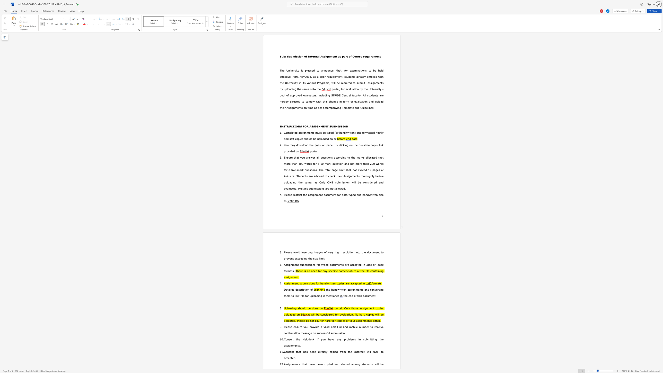 This screenshot has height=373, width=663. What do you see at coordinates (359, 252) in the screenshot?
I see `the subset text "o the document t" within the text "resolution into the document to"` at bounding box center [359, 252].